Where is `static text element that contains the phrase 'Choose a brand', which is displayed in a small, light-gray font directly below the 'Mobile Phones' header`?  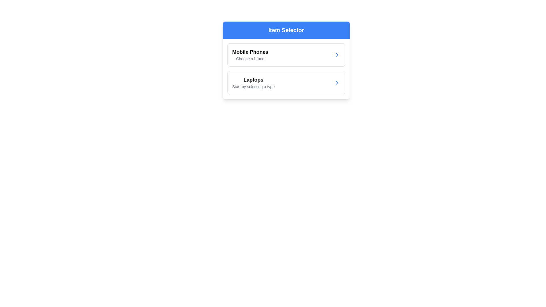
static text element that contains the phrase 'Choose a brand', which is displayed in a small, light-gray font directly below the 'Mobile Phones' header is located at coordinates (250, 59).